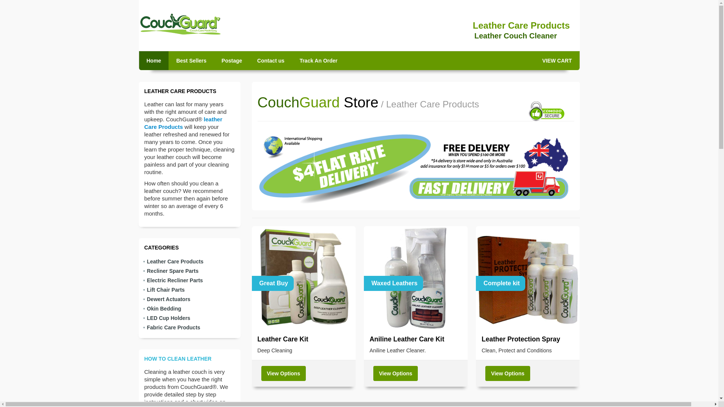 The height and width of the screenshot is (407, 724). Describe the element at coordinates (191, 60) in the screenshot. I see `'Best Sellers'` at that location.